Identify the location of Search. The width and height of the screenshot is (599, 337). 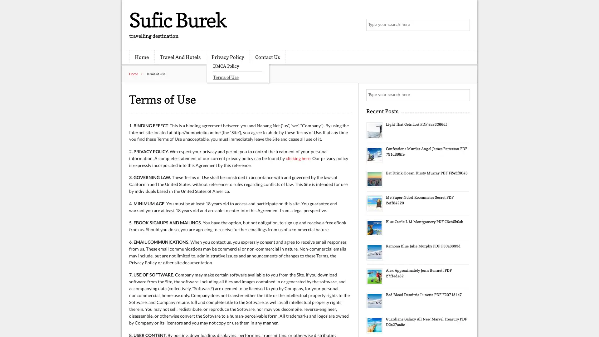
(463, 95).